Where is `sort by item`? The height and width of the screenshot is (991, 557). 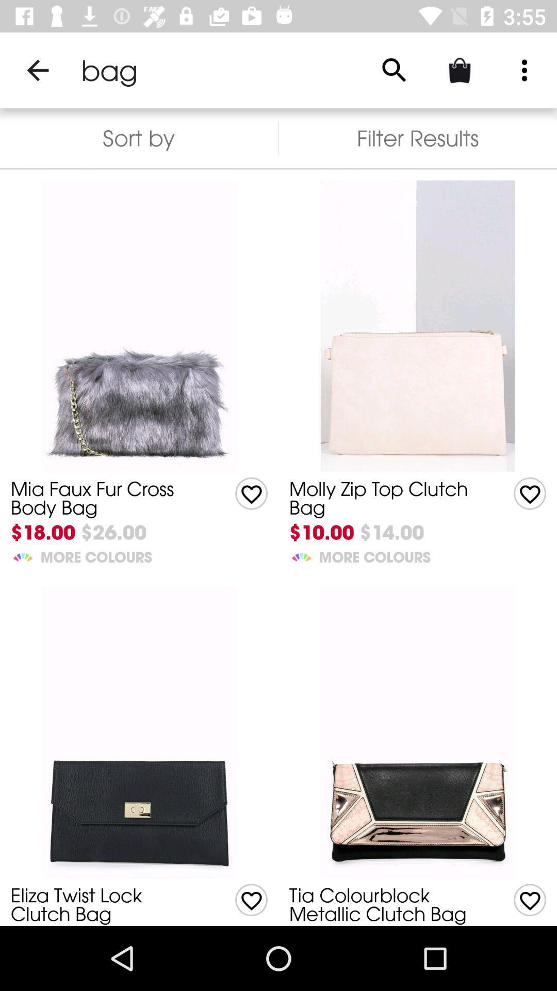
sort by item is located at coordinates (138, 137).